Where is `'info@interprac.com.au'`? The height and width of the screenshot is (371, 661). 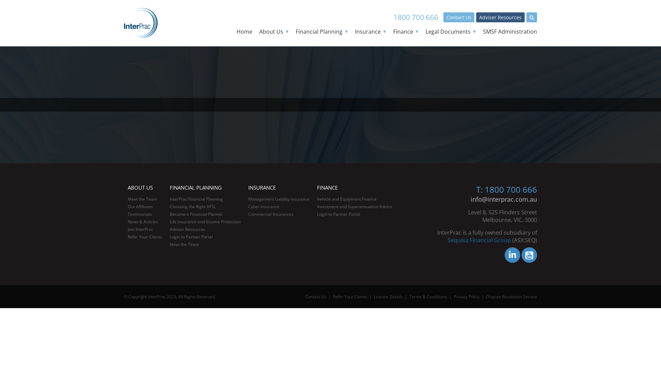
'info@interprac.com.au' is located at coordinates (504, 199).